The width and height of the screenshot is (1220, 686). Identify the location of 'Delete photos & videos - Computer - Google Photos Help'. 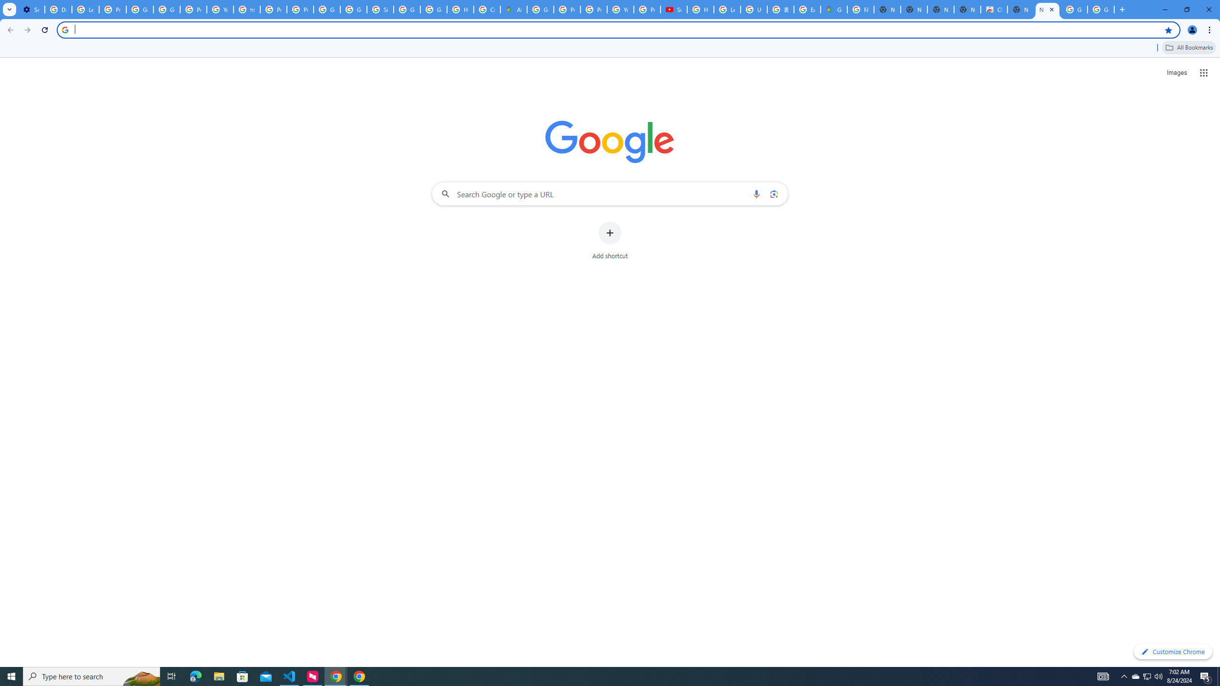
(58, 9).